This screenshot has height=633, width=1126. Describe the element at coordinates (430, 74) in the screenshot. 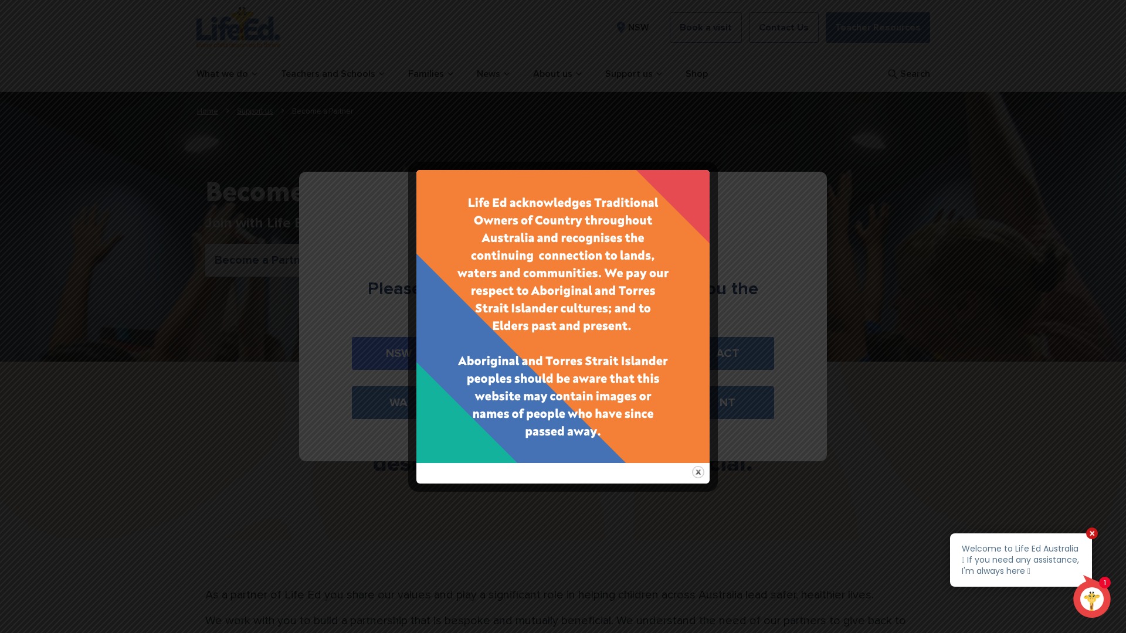

I see `'Families'` at that location.